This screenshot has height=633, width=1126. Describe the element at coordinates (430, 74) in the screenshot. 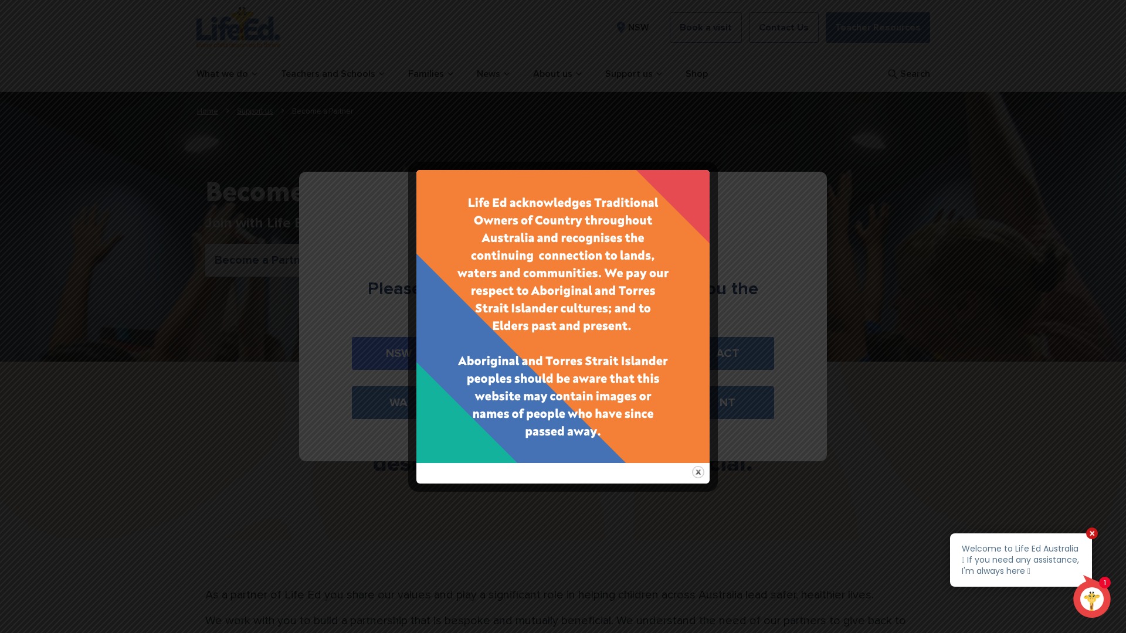

I see `'Families'` at that location.